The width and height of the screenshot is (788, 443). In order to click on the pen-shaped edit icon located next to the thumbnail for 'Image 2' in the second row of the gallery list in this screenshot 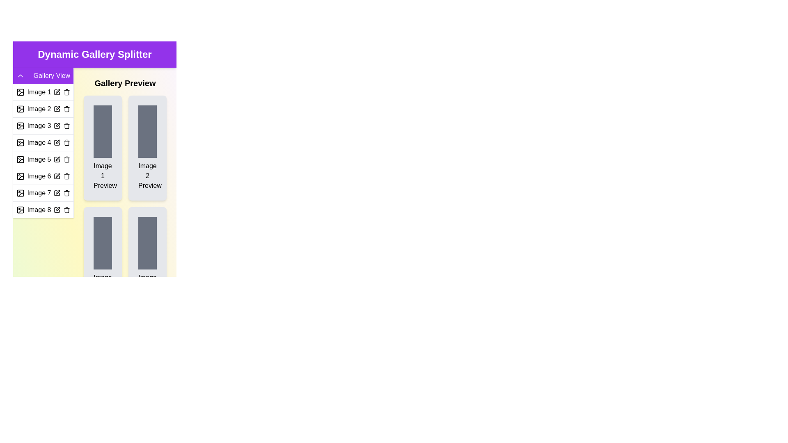, I will do `click(57, 107)`.